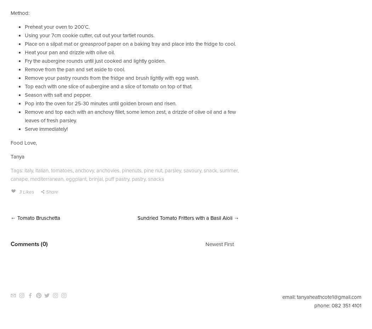 The width and height of the screenshot is (372, 329). I want to click on 'puff pastry', so click(117, 178).